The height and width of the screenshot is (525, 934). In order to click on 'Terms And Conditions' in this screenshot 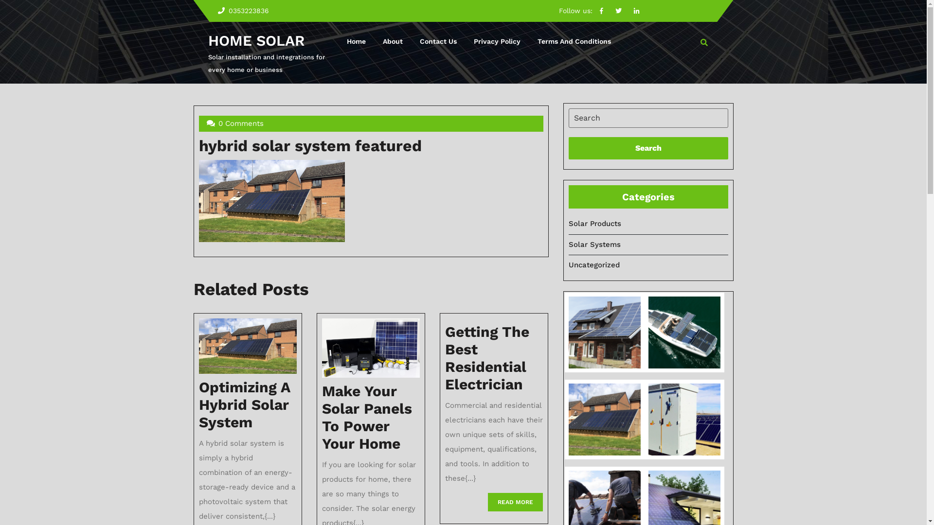, I will do `click(574, 41)`.